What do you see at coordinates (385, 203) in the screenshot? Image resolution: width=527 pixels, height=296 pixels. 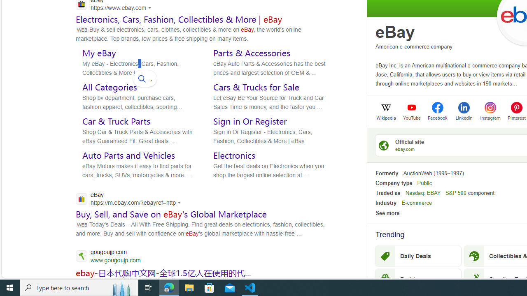 I see `'Industry'` at bounding box center [385, 203].